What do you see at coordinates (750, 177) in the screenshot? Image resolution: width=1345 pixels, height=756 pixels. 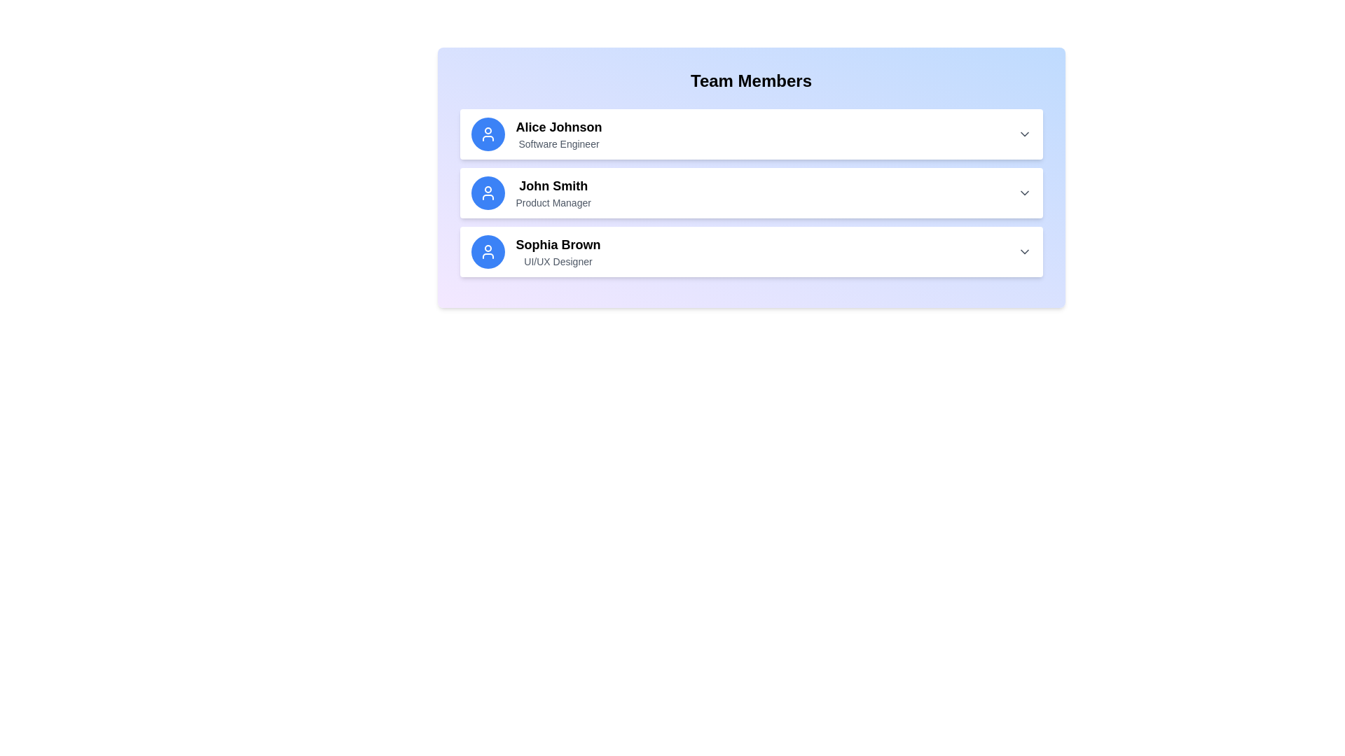 I see `the second list item displaying user information, which presents the name and role of a specific team member` at bounding box center [750, 177].